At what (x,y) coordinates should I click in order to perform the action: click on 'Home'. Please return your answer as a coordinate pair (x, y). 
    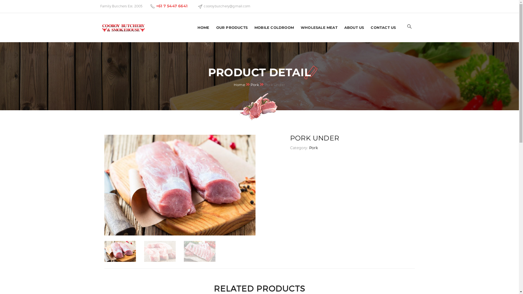
    Looking at the image, I should click on (239, 84).